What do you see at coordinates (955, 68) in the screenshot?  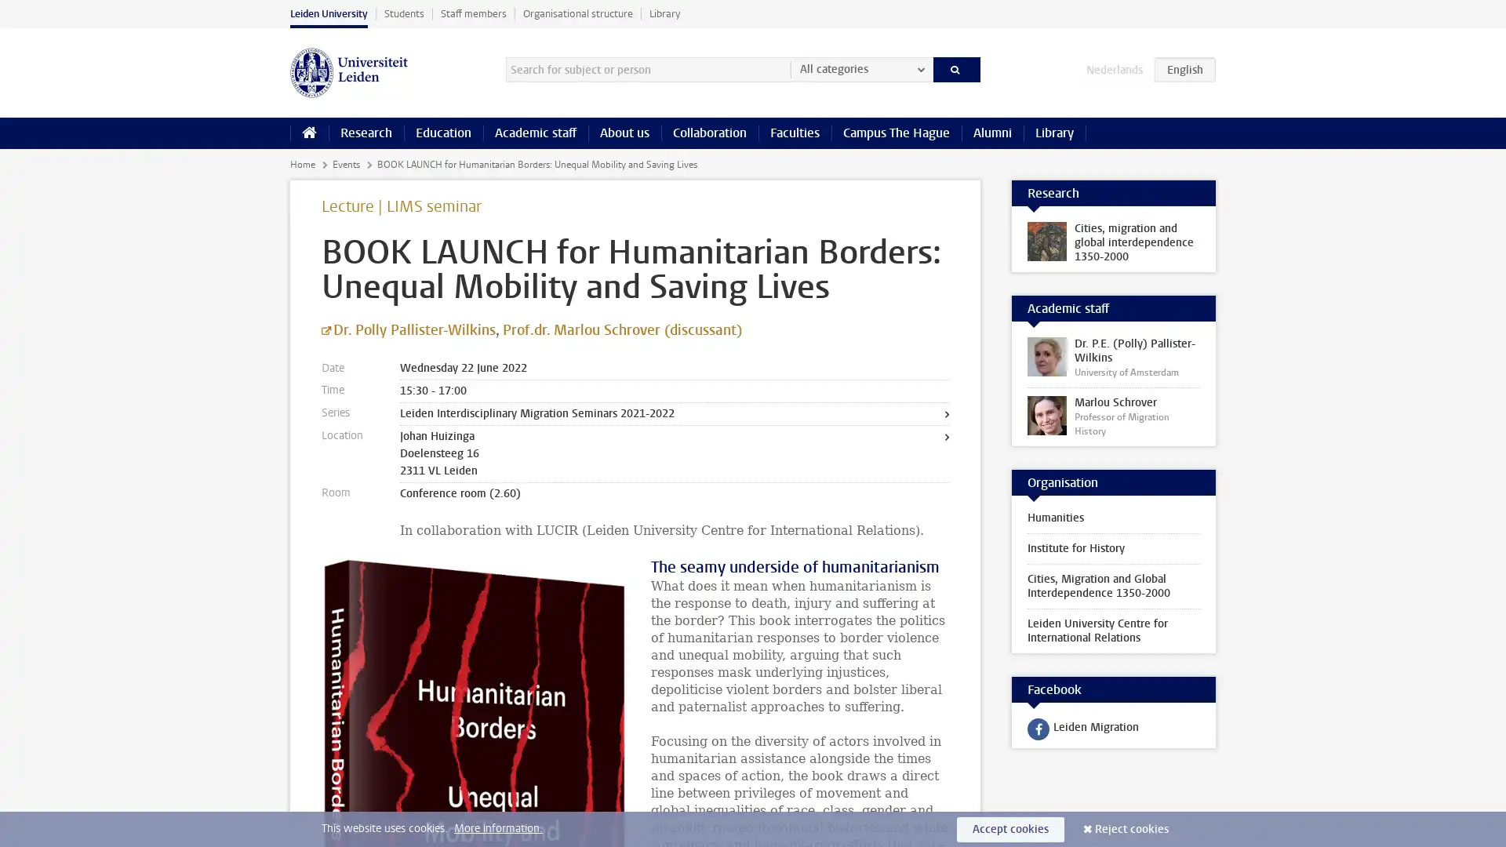 I see `Search` at bounding box center [955, 68].